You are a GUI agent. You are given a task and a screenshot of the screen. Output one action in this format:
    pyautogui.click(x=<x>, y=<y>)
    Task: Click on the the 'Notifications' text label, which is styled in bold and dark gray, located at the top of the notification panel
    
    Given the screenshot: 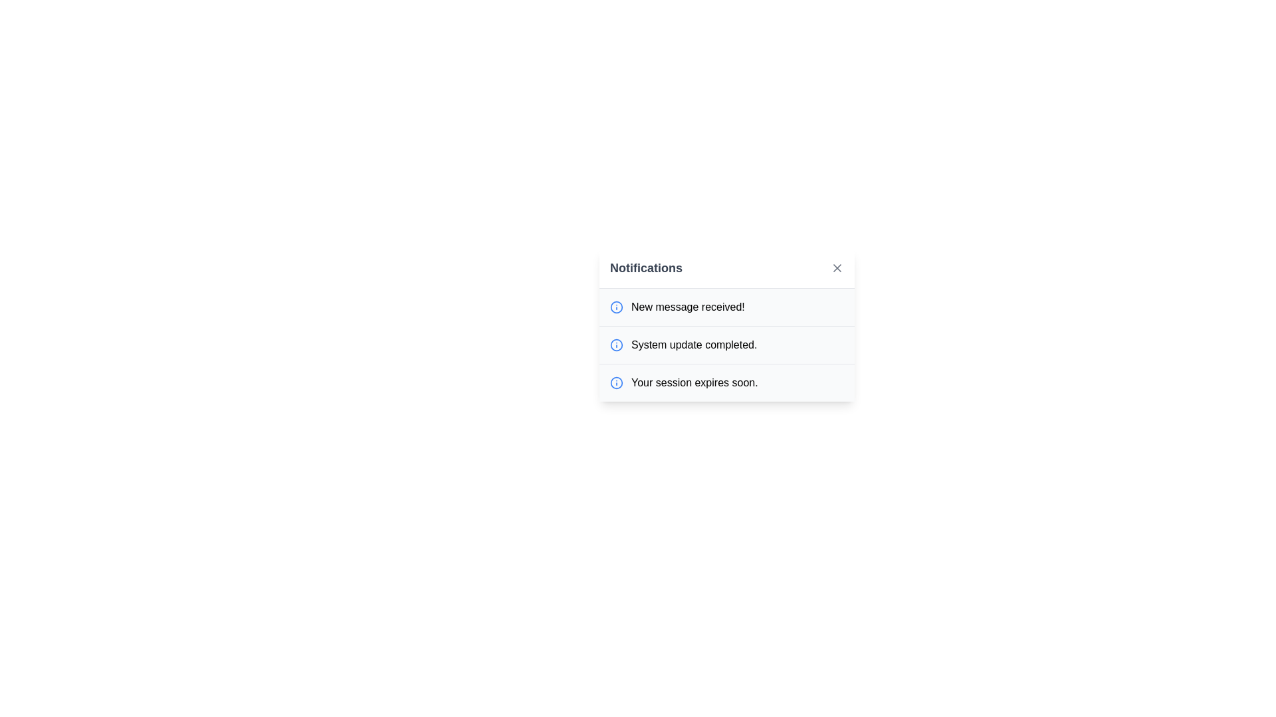 What is the action you would take?
    pyautogui.click(x=646, y=268)
    